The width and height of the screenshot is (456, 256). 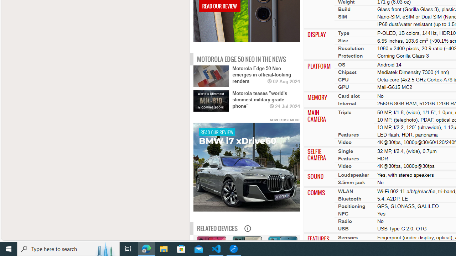 I want to click on 'Resolution', so click(x=351, y=48).